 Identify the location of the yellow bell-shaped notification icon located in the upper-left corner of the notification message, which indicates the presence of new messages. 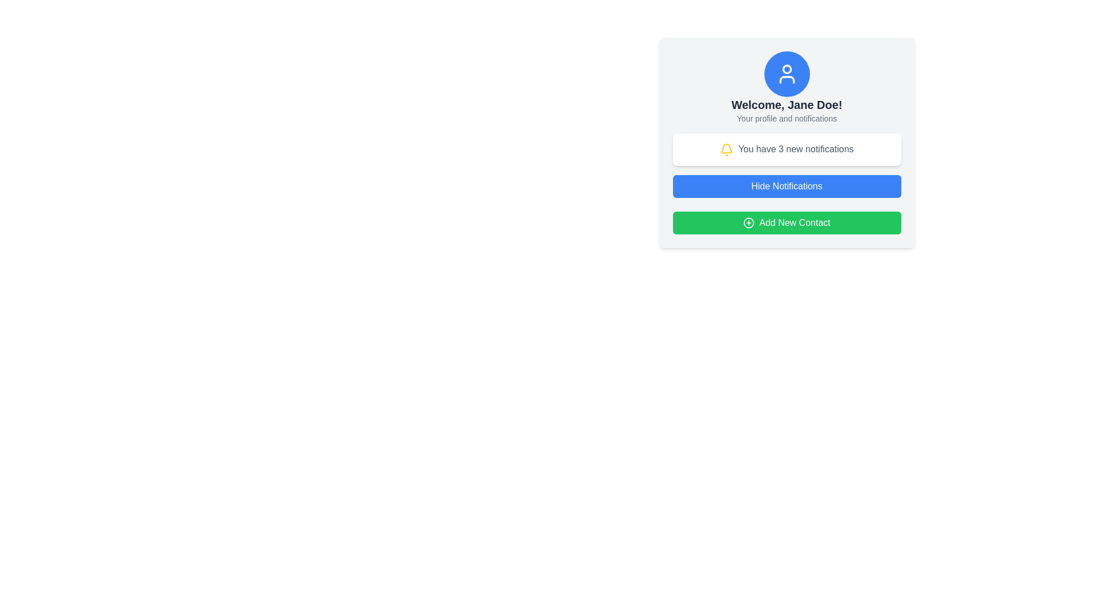
(726, 148).